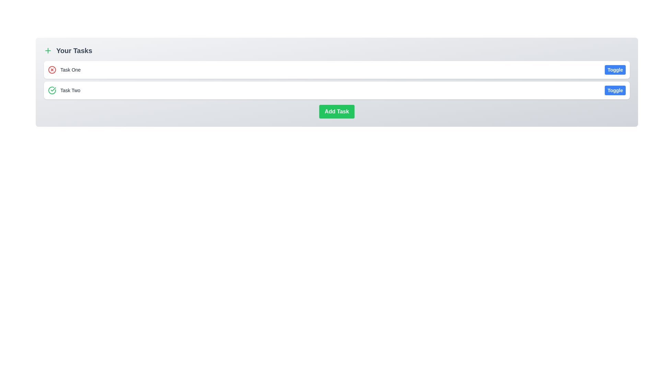 The height and width of the screenshot is (370, 659). What do you see at coordinates (337, 111) in the screenshot?
I see `the button that allows users to add a new task, located at the bottom center of the visible area` at bounding box center [337, 111].